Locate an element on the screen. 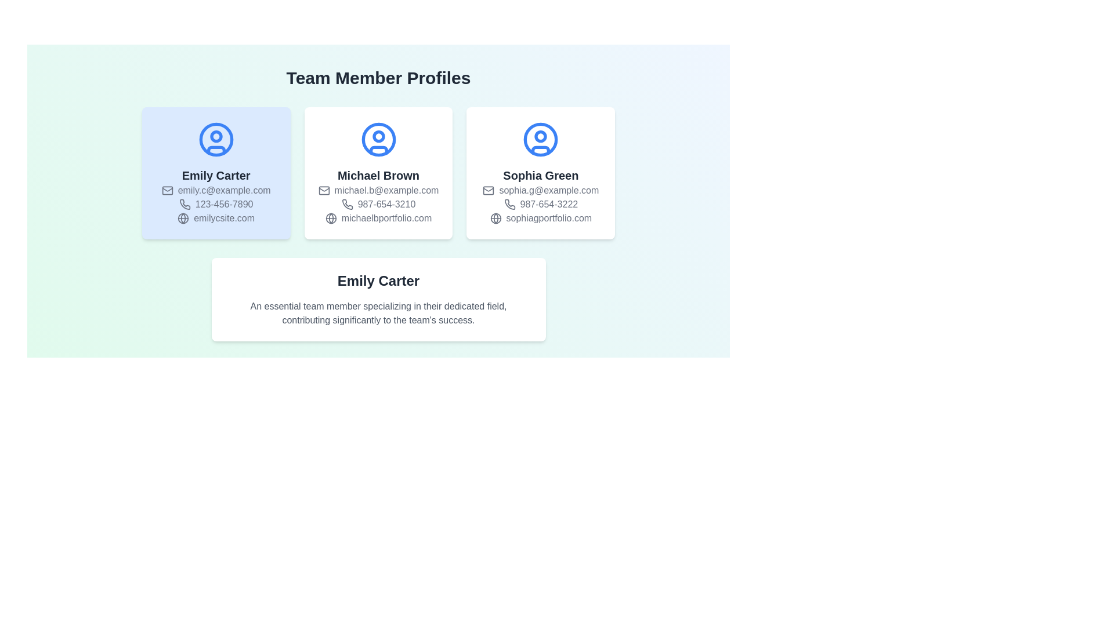 This screenshot has height=626, width=1114. the gray globe-shaped icon followed by the text 'emilycsite.com' is located at coordinates (216, 219).